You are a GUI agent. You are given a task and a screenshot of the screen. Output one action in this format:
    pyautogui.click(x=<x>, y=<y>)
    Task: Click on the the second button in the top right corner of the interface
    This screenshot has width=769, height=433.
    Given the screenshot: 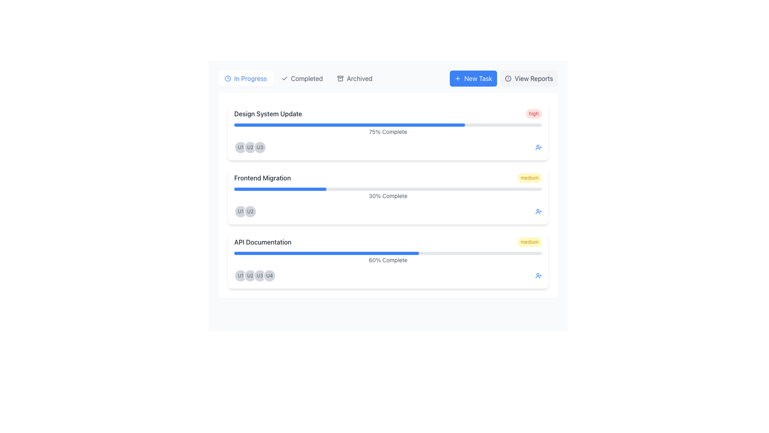 What is the action you would take?
    pyautogui.click(x=529, y=79)
    